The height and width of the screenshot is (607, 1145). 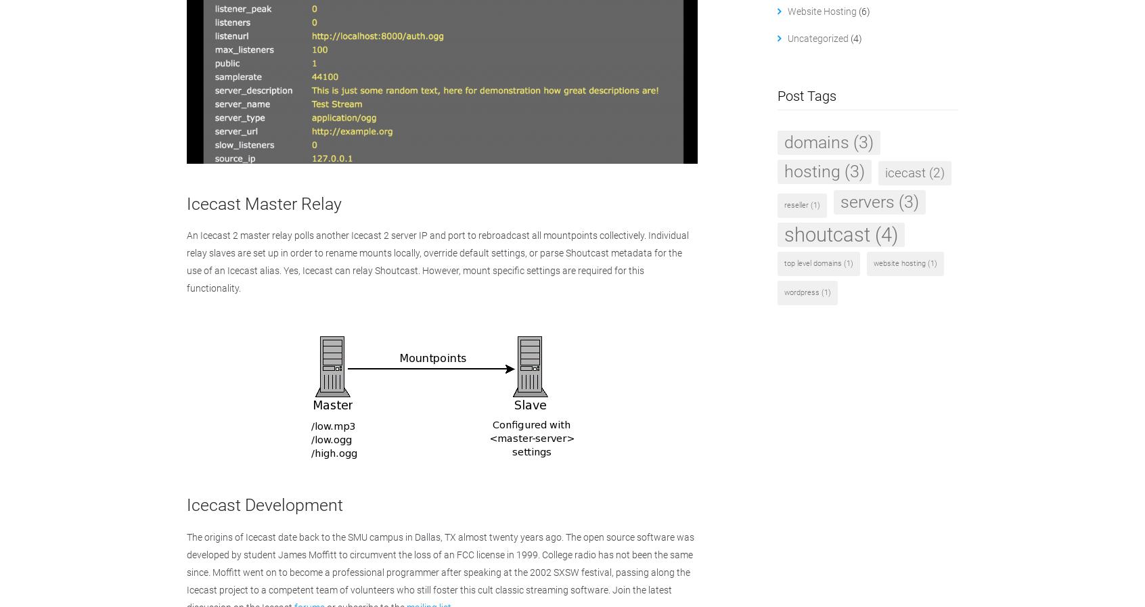 What do you see at coordinates (812, 263) in the screenshot?
I see `'top level domains'` at bounding box center [812, 263].